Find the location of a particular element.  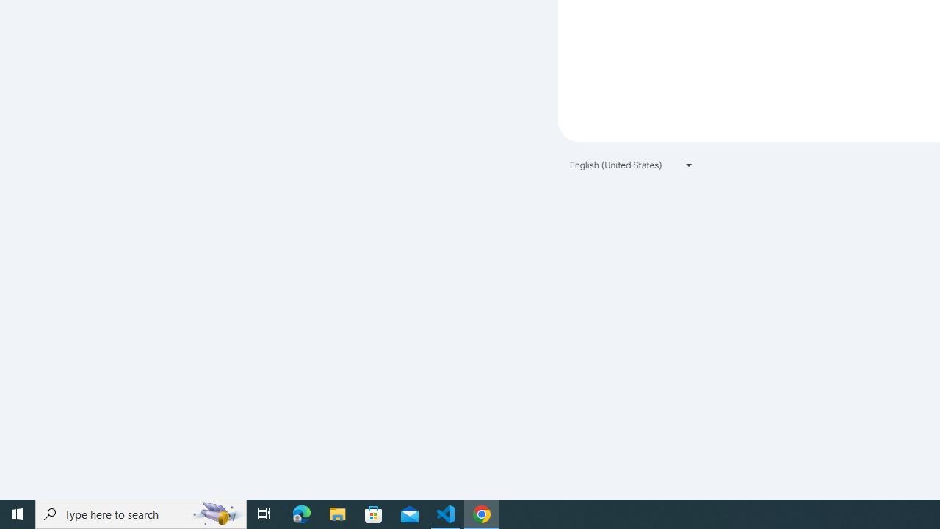

'English (United States)' is located at coordinates (632, 165).